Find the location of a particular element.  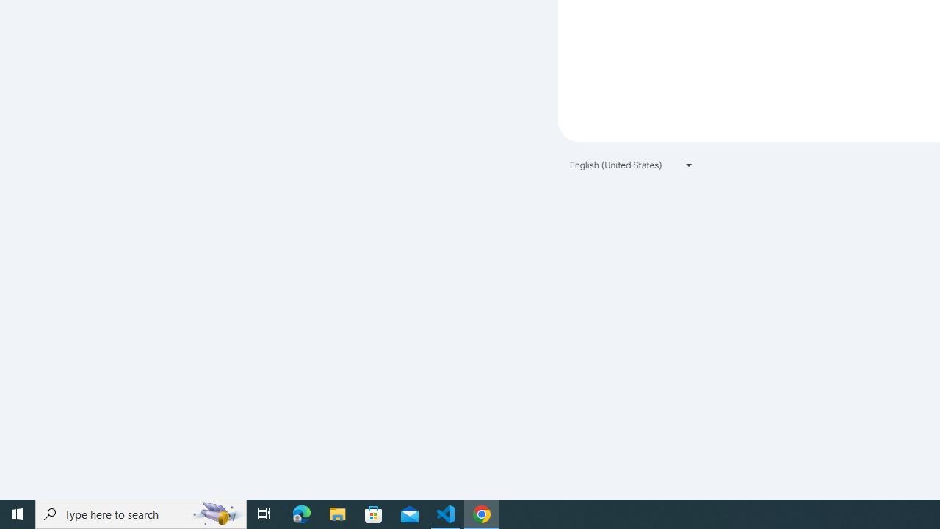

'English (United States)' is located at coordinates (632, 165).